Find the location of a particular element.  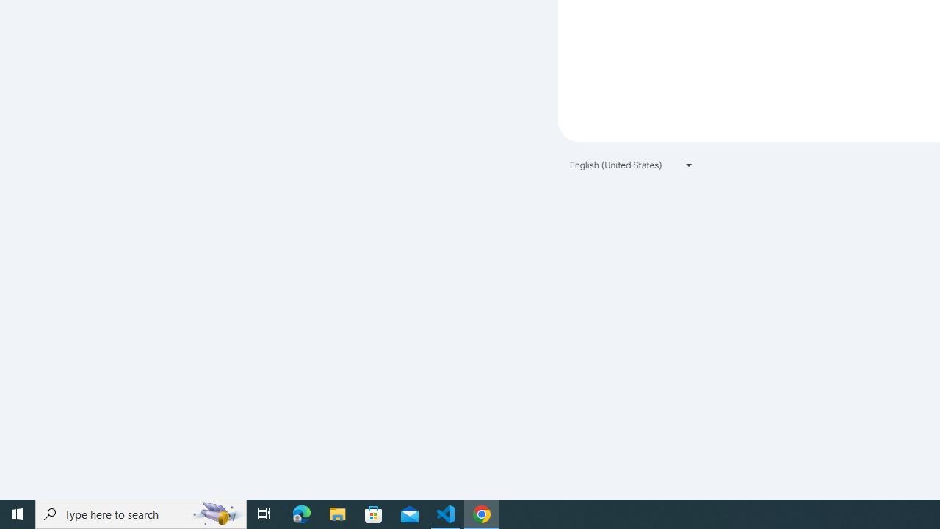

'English (United States)' is located at coordinates (632, 165).